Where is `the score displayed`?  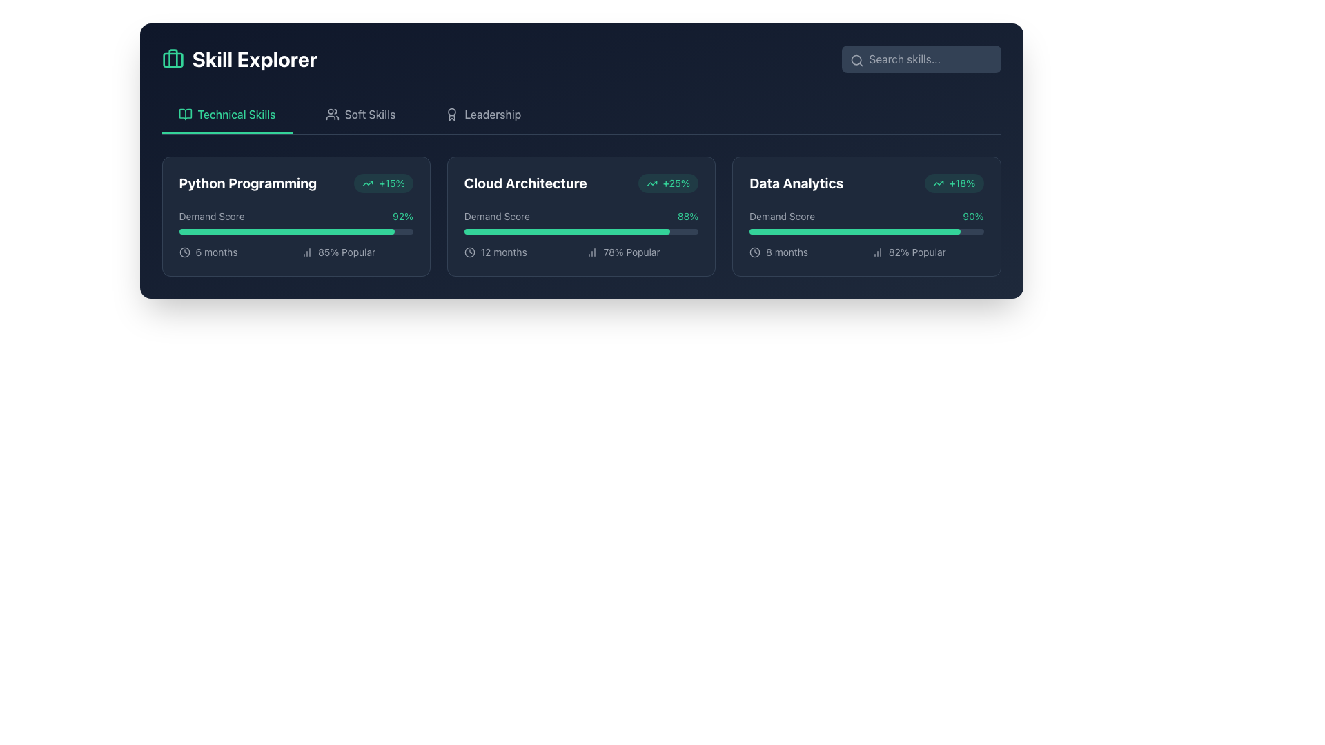 the score displayed is located at coordinates (402, 216).